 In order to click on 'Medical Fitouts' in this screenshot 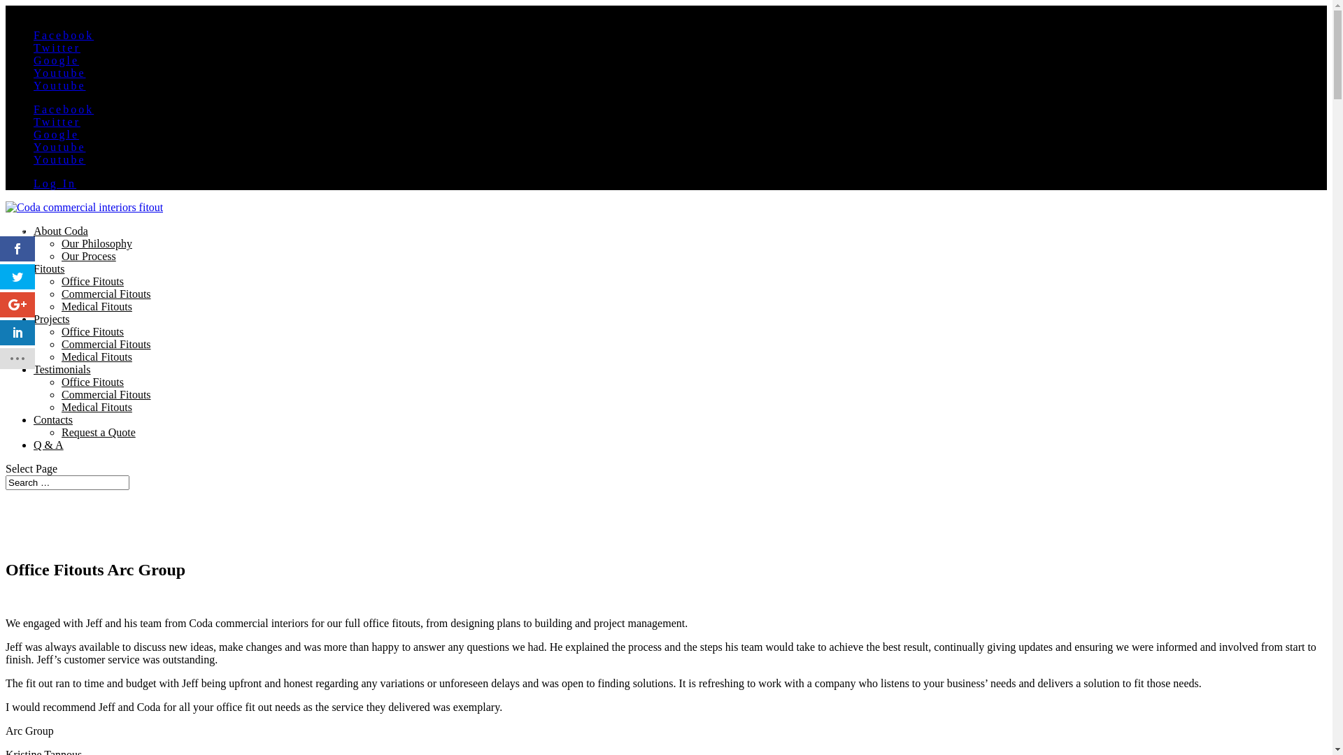, I will do `click(60, 305)`.